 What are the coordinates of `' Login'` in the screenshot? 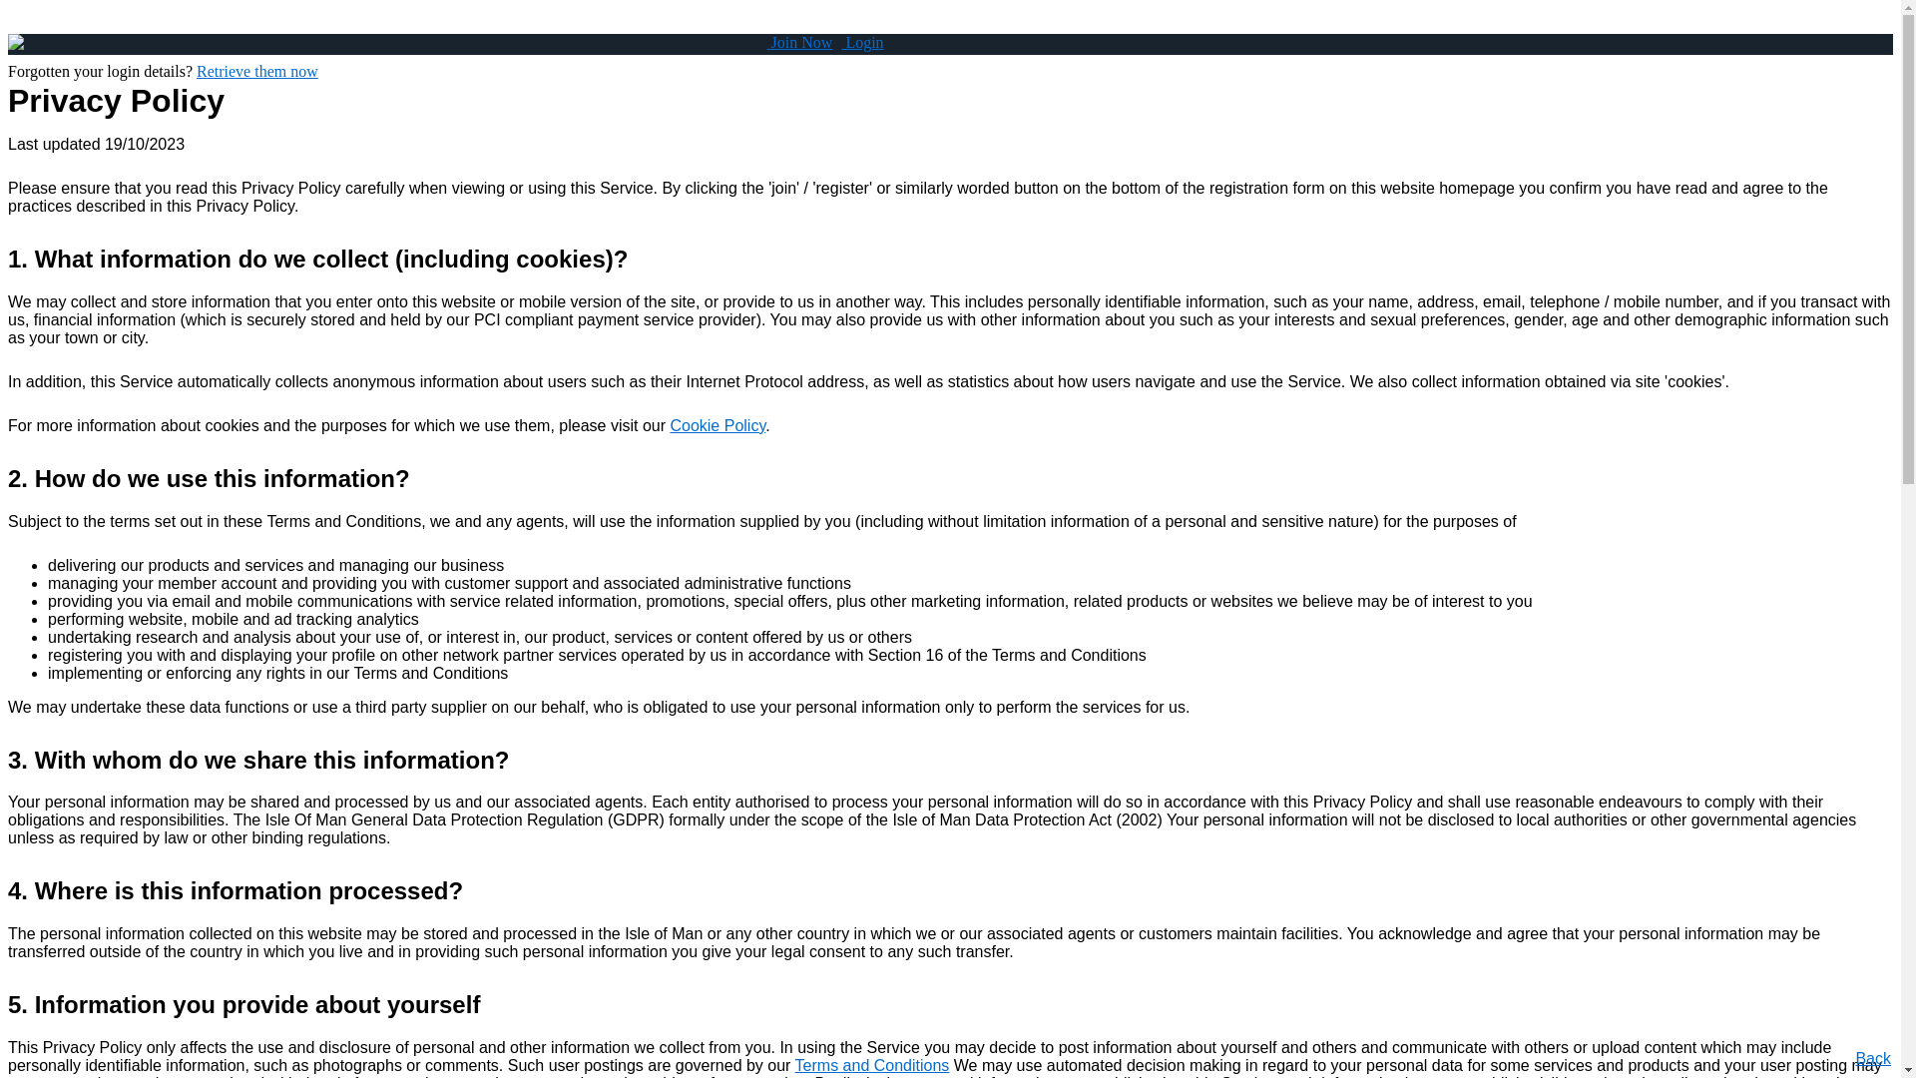 It's located at (841, 42).